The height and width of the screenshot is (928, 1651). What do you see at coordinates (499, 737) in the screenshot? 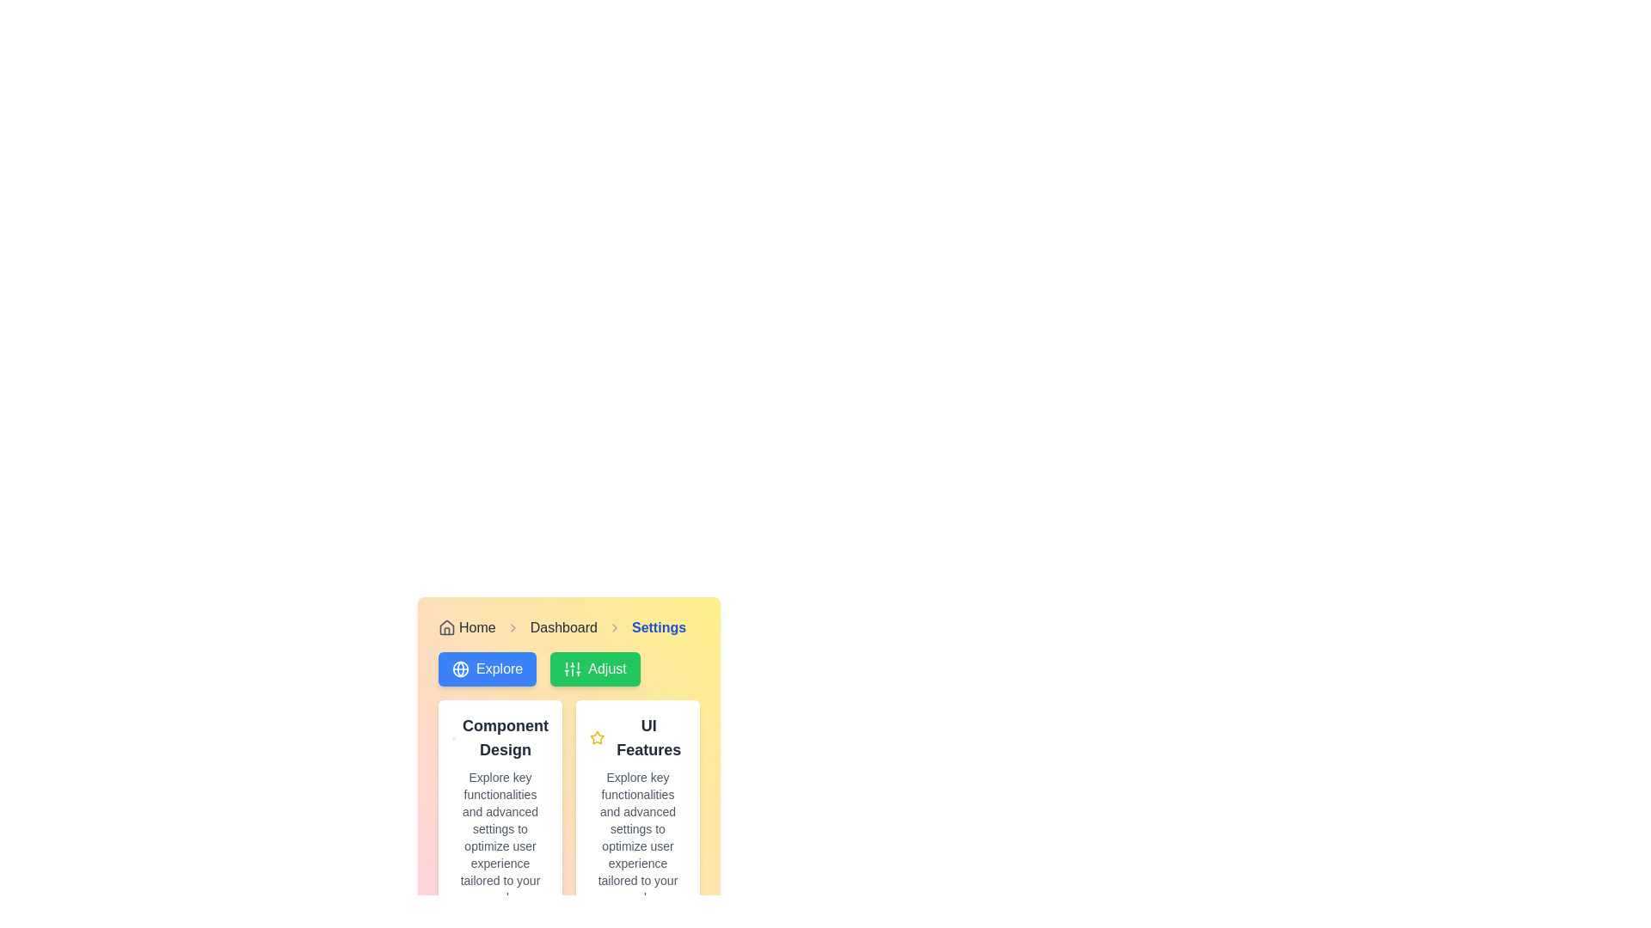
I see `the title text label of the first card, which is positioned at the top of the card above a descriptive paragraph` at bounding box center [499, 737].